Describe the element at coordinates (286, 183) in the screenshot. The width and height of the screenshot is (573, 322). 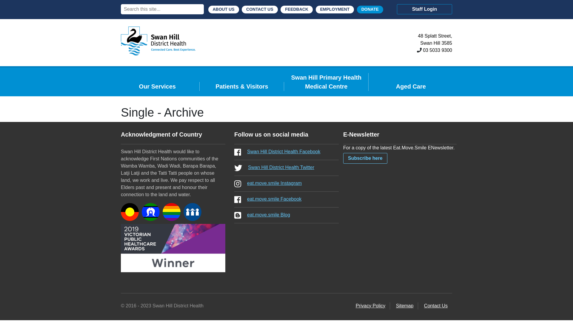
I see `'eat.move.smile Instagram'` at that location.